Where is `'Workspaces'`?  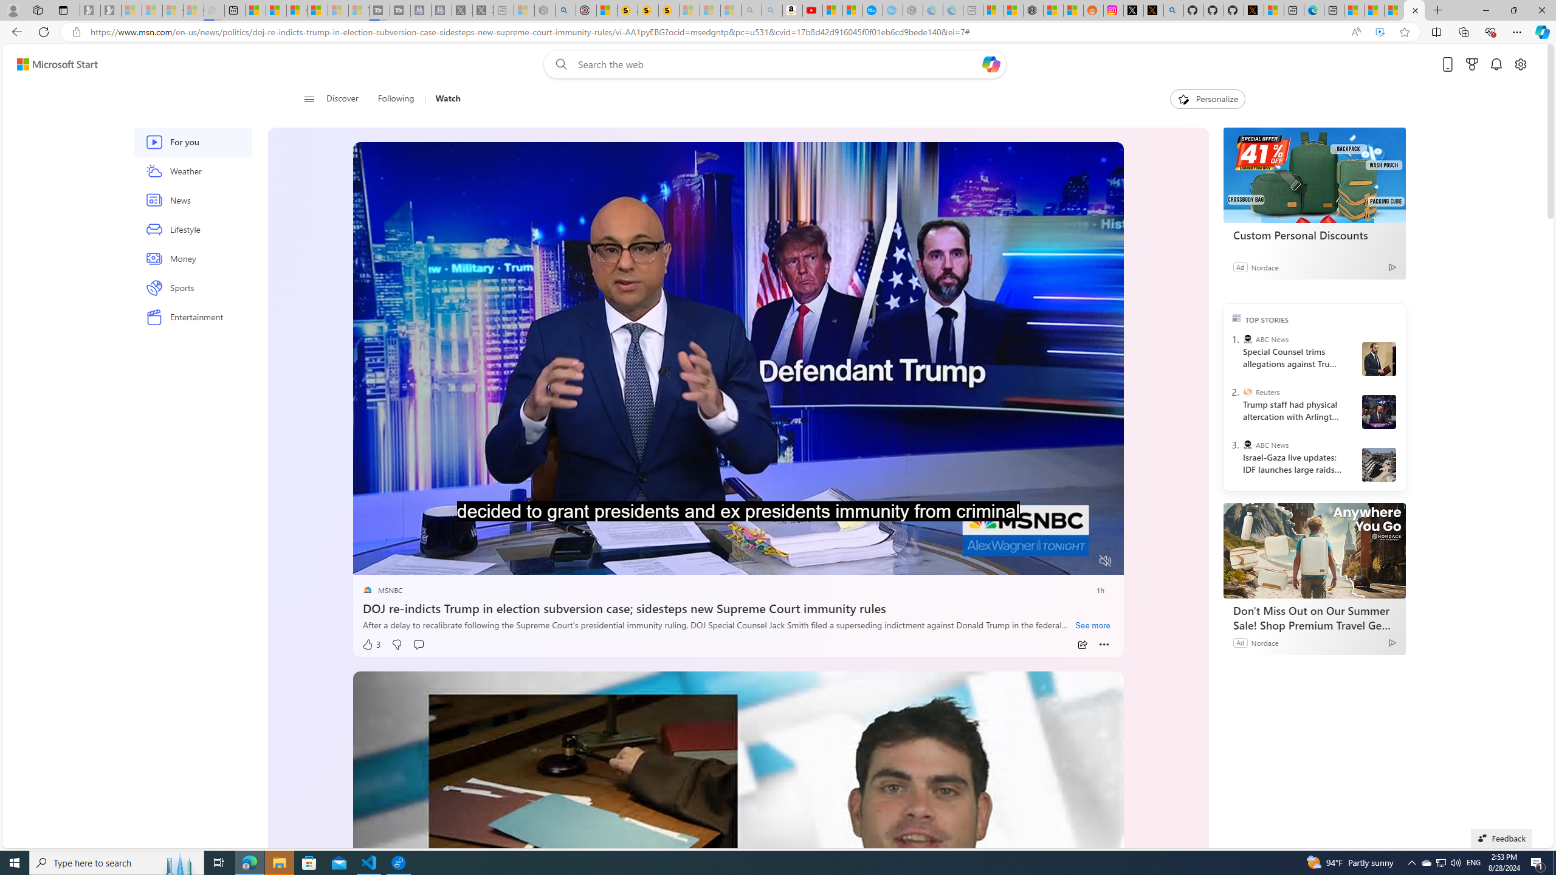
'Workspaces' is located at coordinates (37, 10).